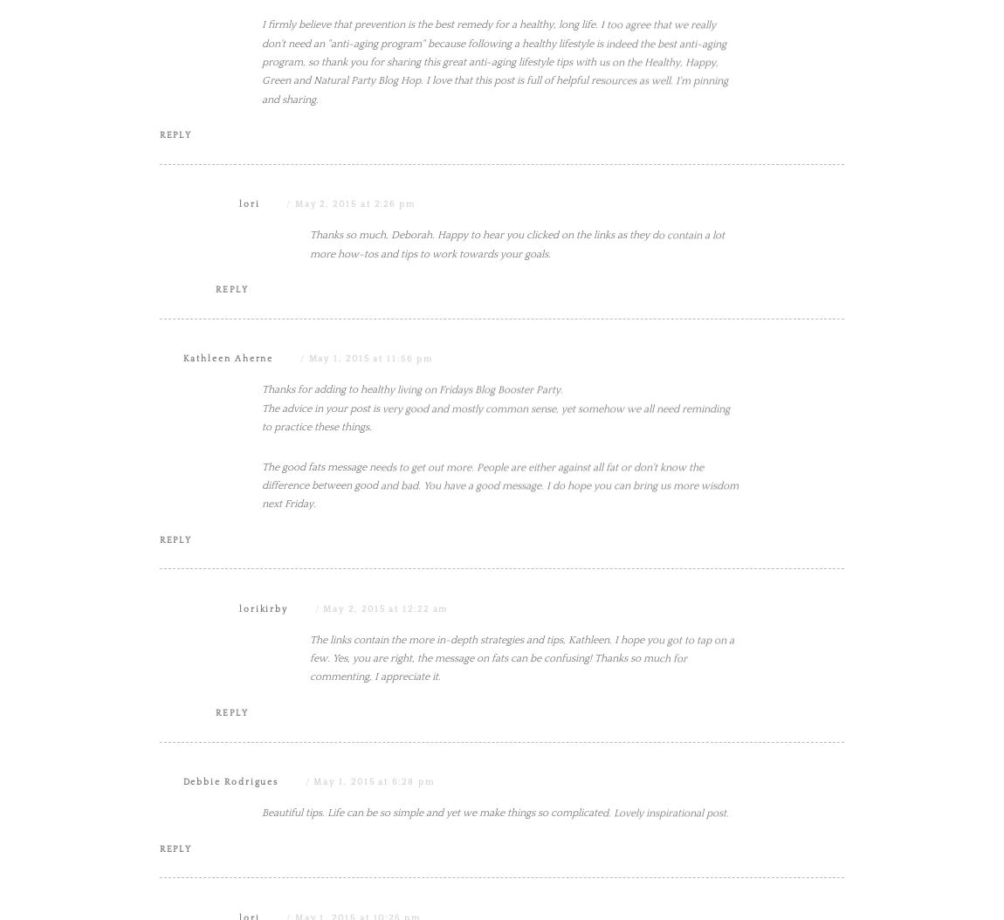 The height and width of the screenshot is (920, 1004). I want to click on 'May 2, 2015 at 2:34 am', so click(355, 168).